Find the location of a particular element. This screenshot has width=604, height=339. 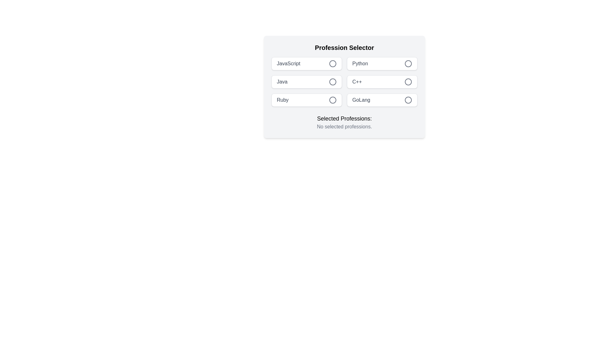

the 'Java' selectable list item with a radio button in the 'Profession Selector' section is located at coordinates (306, 82).